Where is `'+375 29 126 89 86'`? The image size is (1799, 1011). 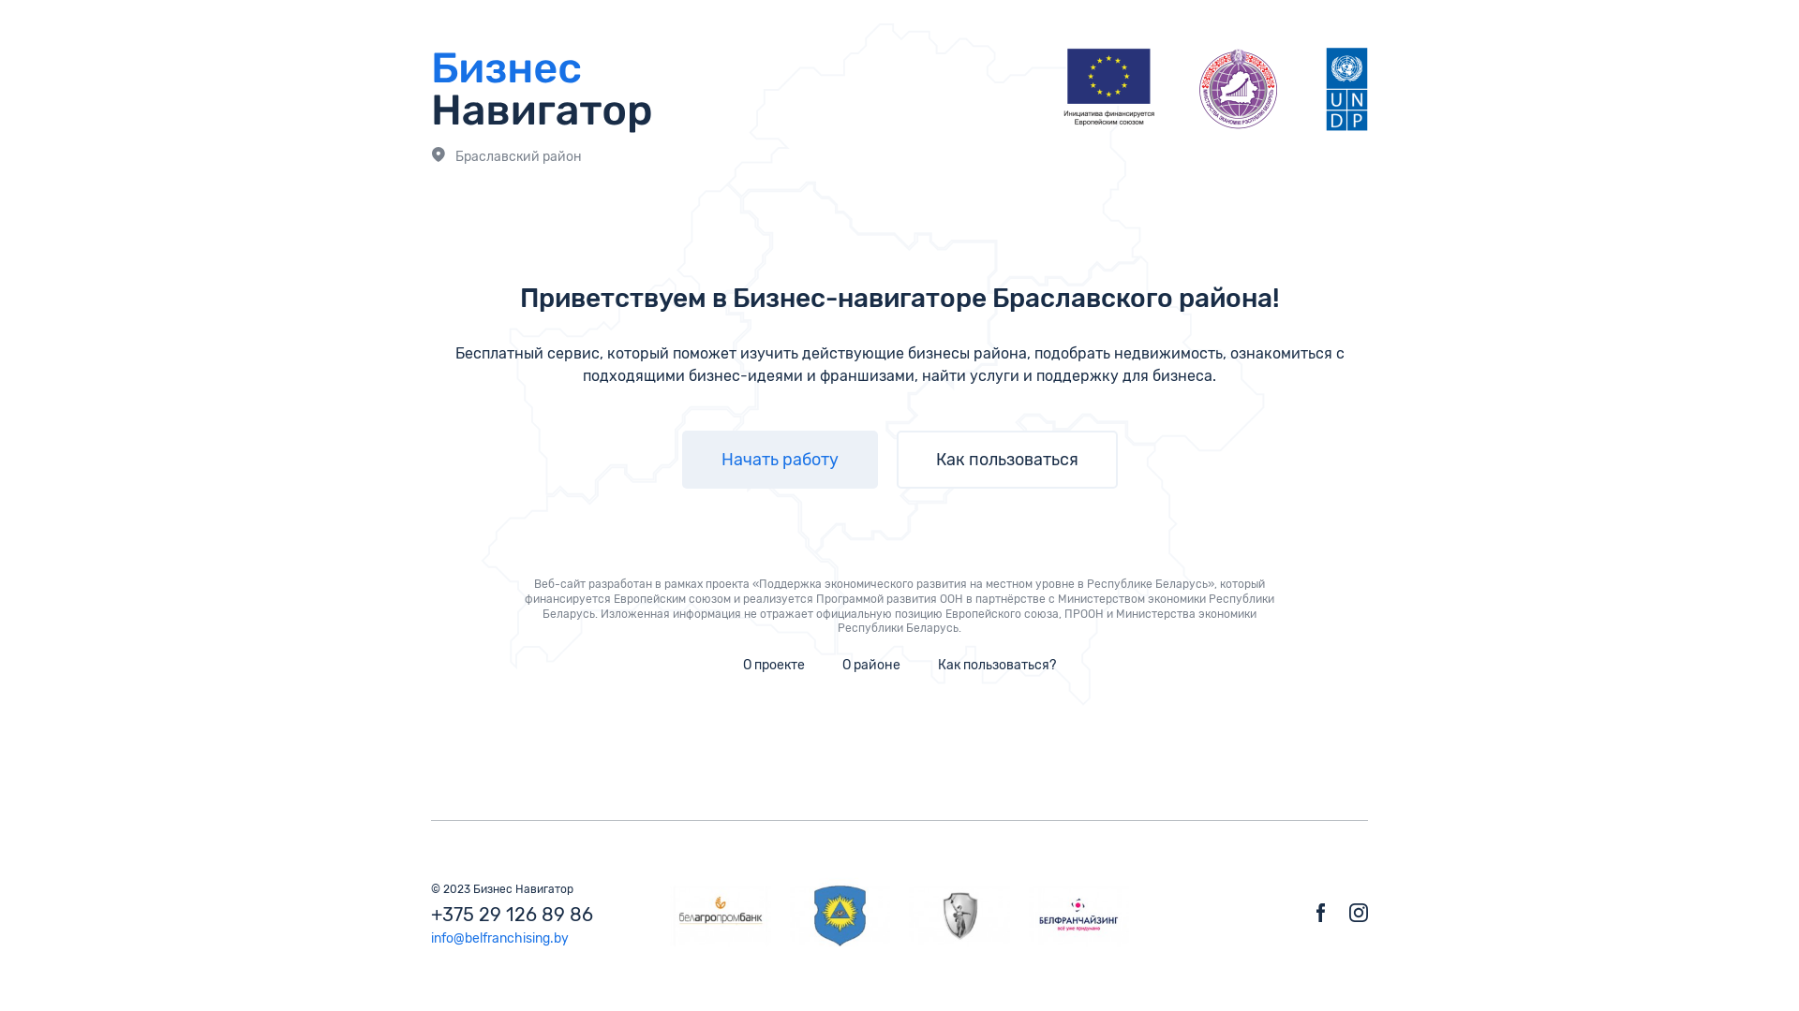 '+375 29 126 89 86' is located at coordinates (430, 914).